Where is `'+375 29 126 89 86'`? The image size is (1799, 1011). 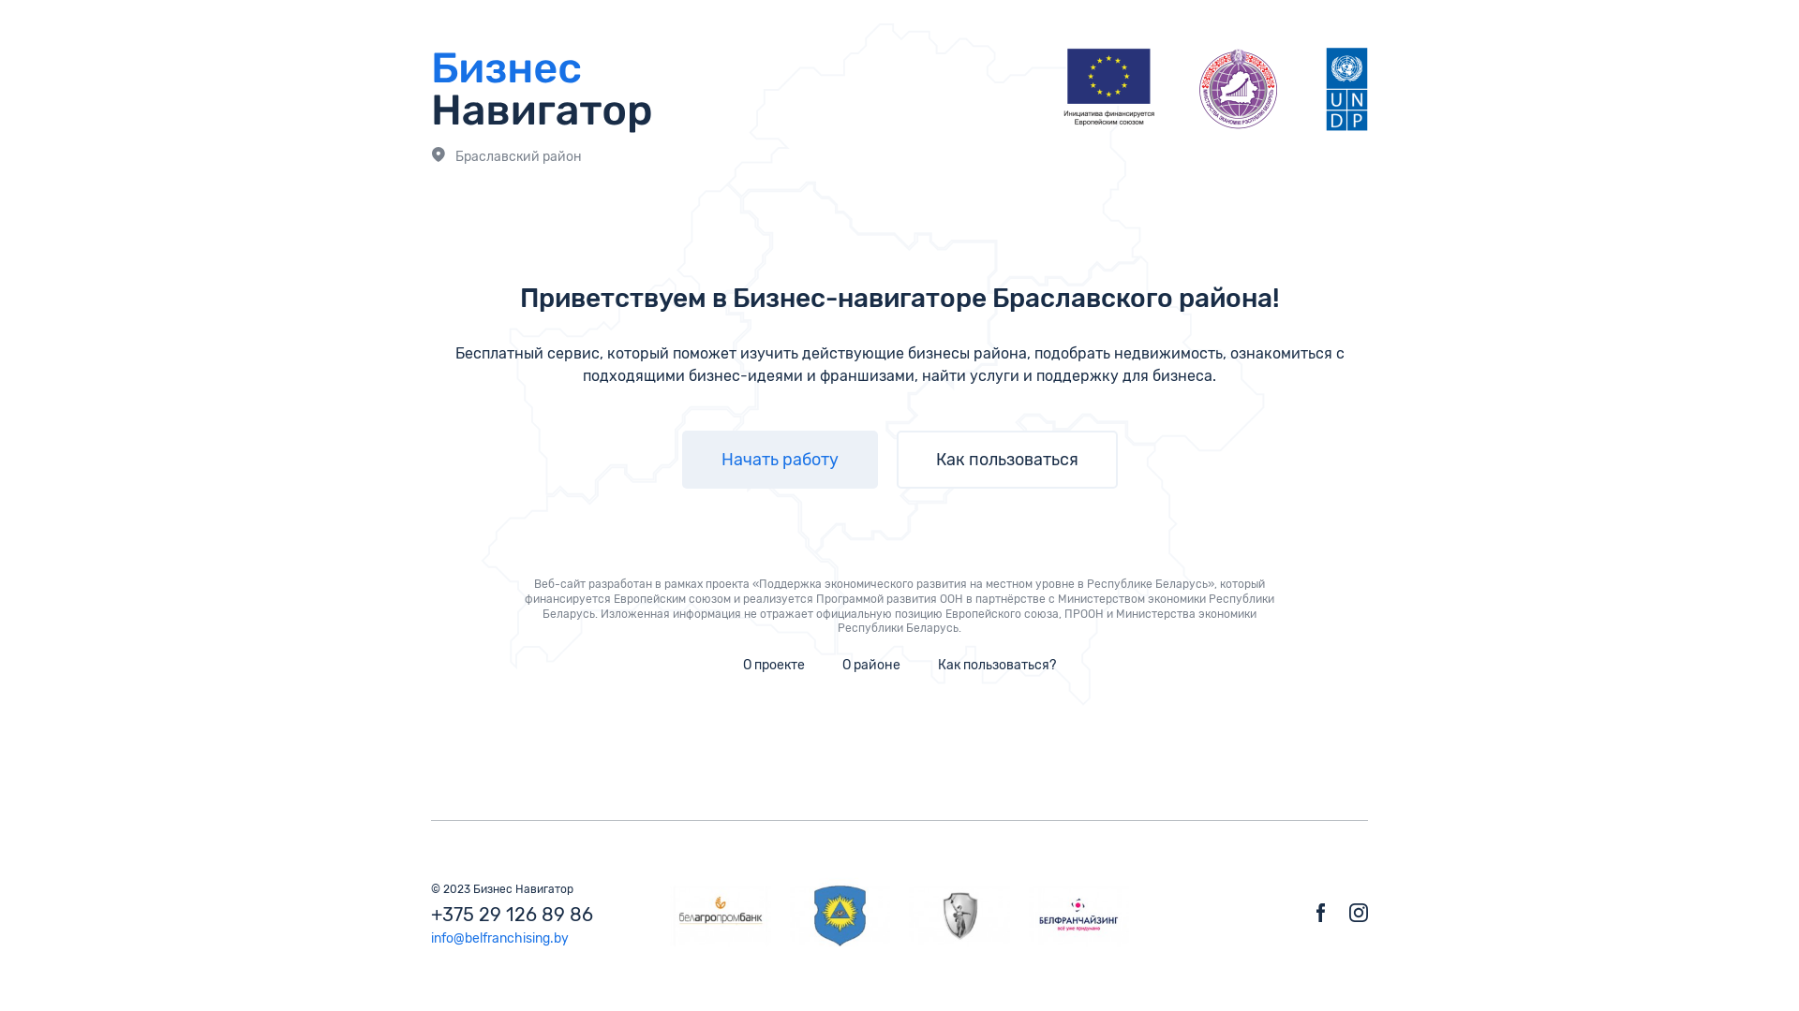 '+375 29 126 89 86' is located at coordinates (430, 914).